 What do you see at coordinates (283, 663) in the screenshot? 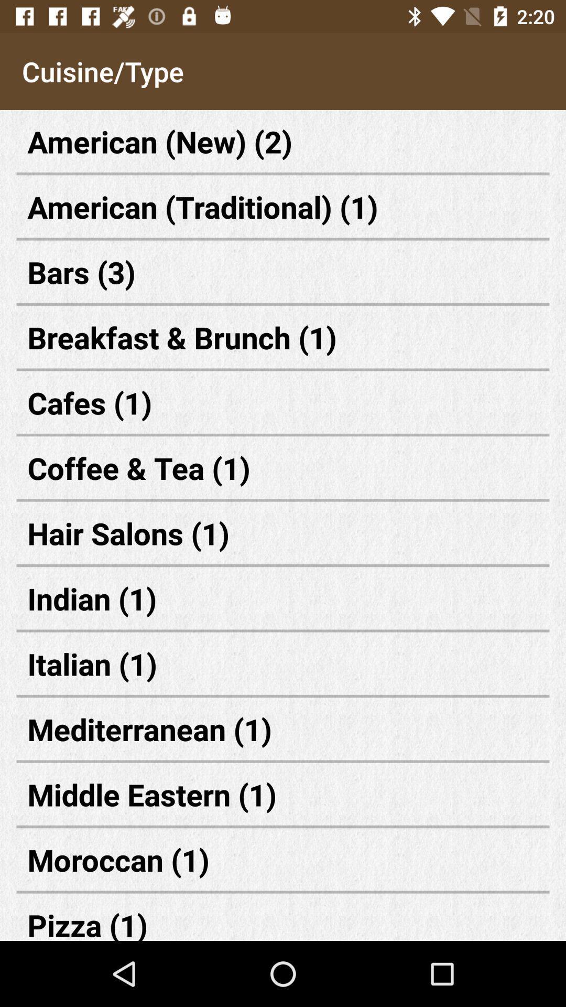
I see `the item above mediterranean (1) icon` at bounding box center [283, 663].